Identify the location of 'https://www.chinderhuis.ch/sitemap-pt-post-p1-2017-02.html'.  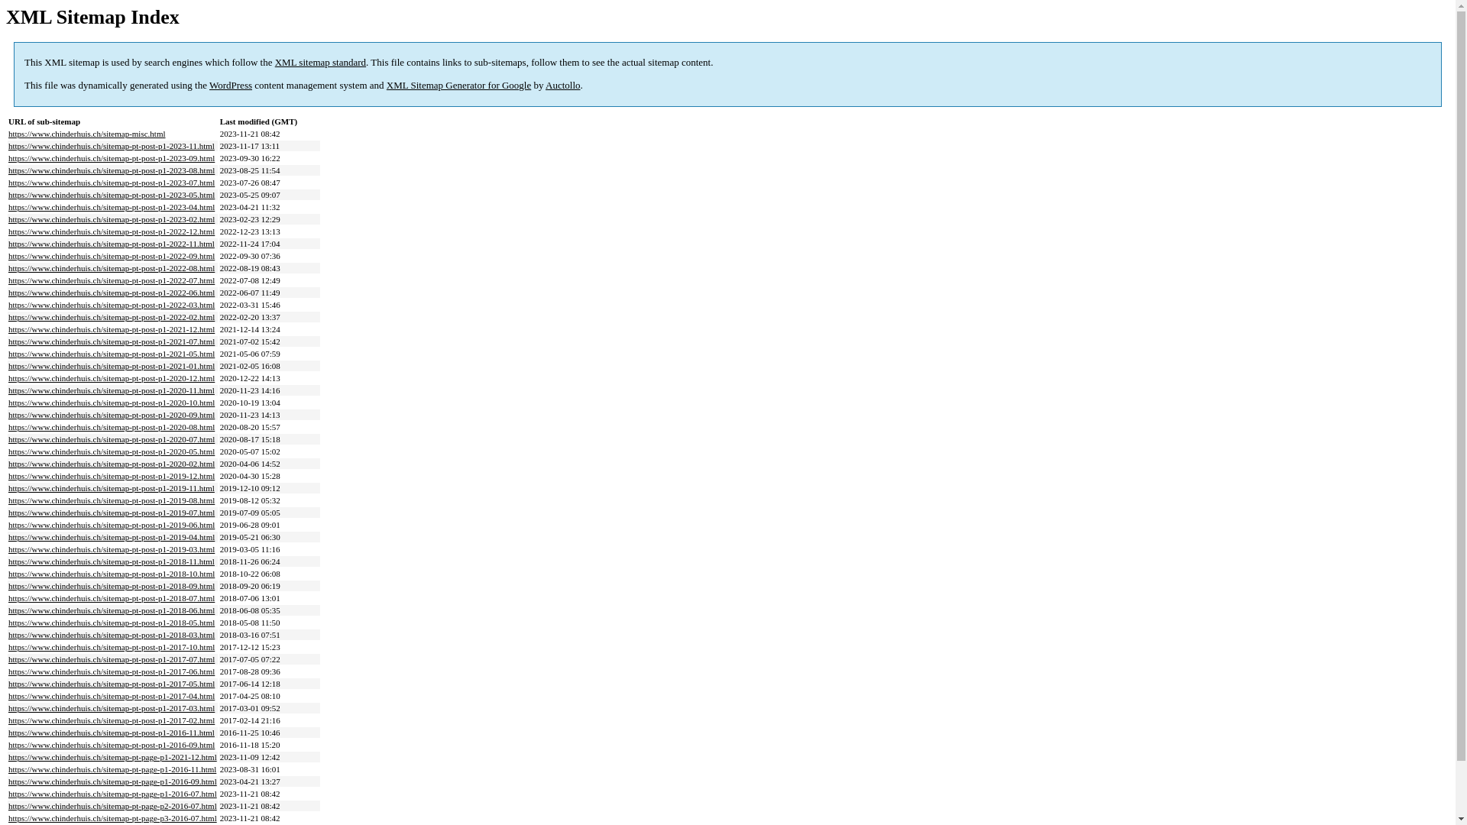
(110, 720).